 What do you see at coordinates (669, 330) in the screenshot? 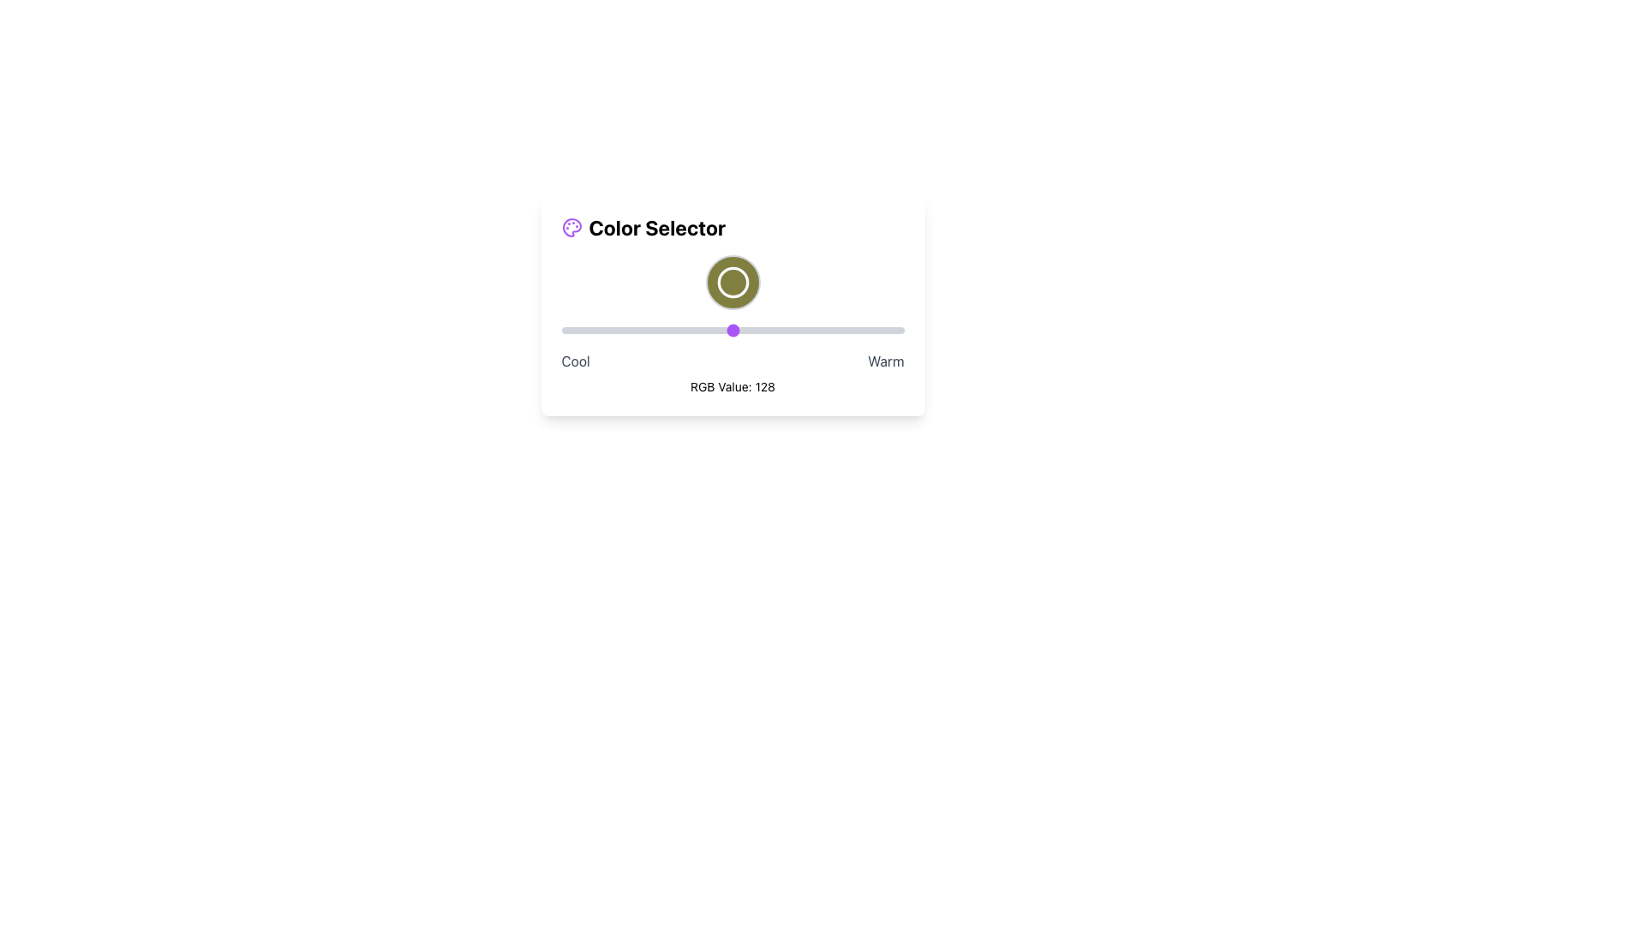
I see `the color selector` at bounding box center [669, 330].